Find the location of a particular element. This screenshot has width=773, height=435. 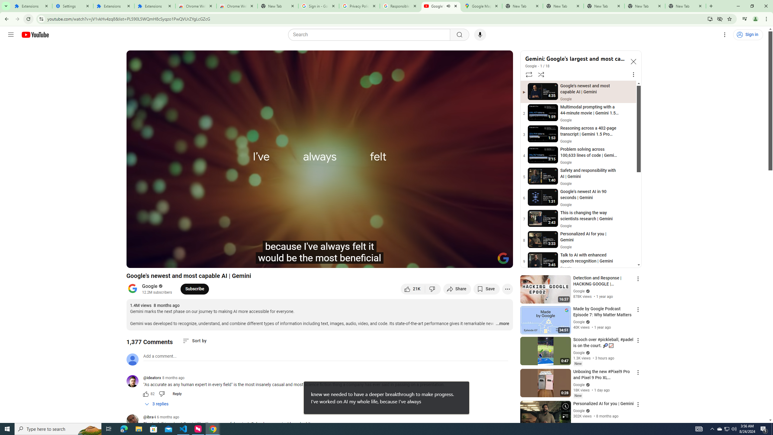

'Full screen (f)' is located at coordinates (502, 260).